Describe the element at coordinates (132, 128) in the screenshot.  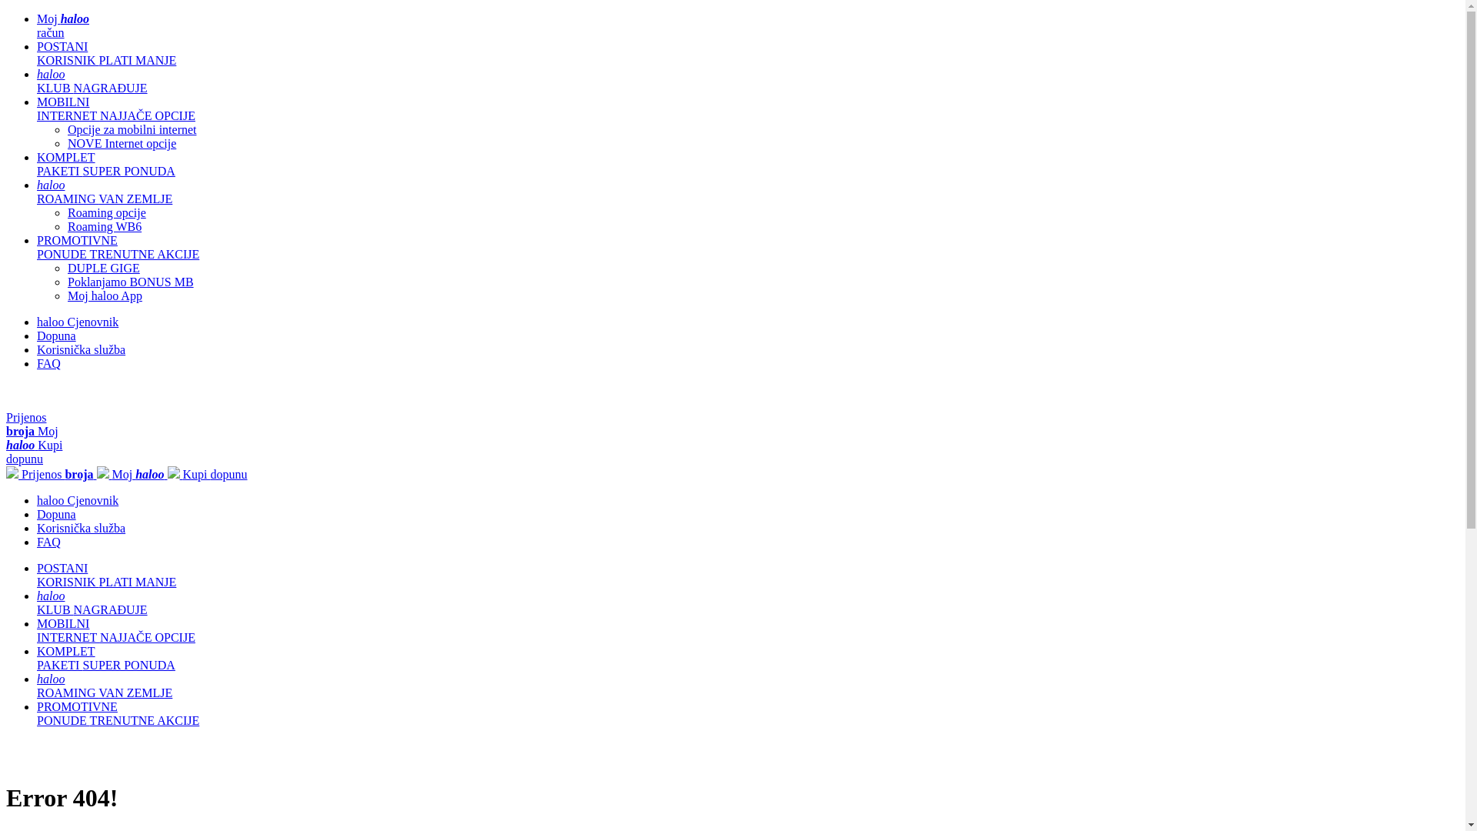
I see `'Opcije za mobilni internet'` at that location.